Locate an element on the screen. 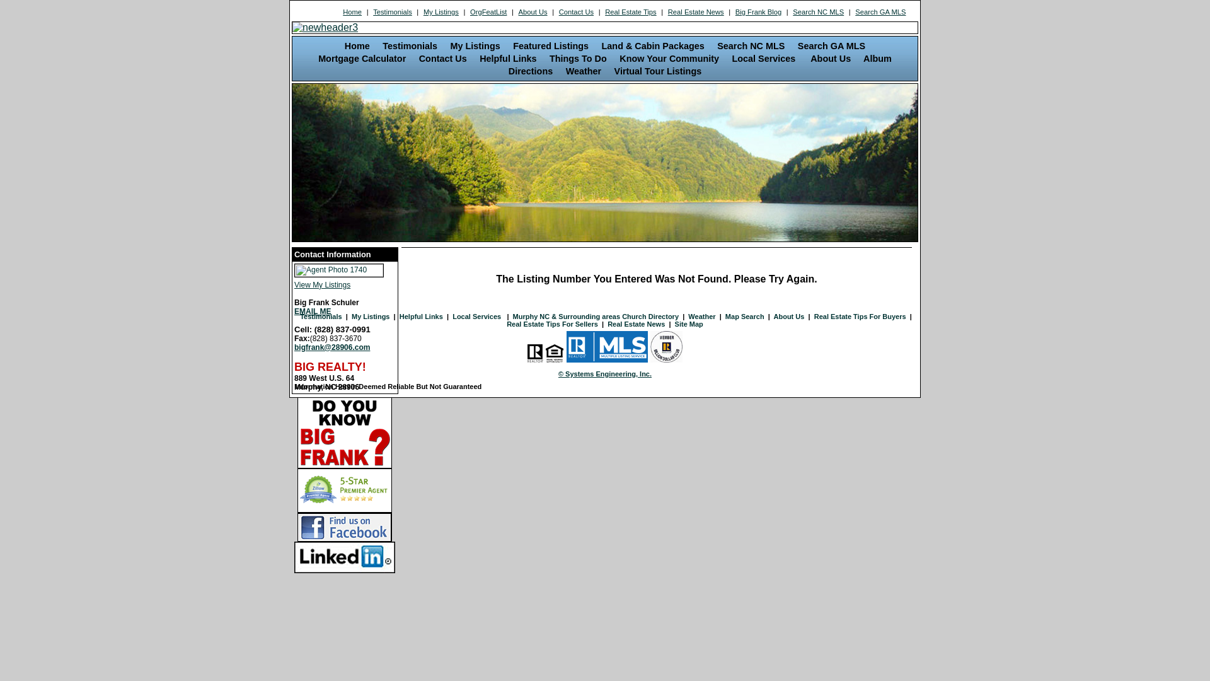 This screenshot has width=1210, height=681. 'Contact Us' is located at coordinates (556, 12).